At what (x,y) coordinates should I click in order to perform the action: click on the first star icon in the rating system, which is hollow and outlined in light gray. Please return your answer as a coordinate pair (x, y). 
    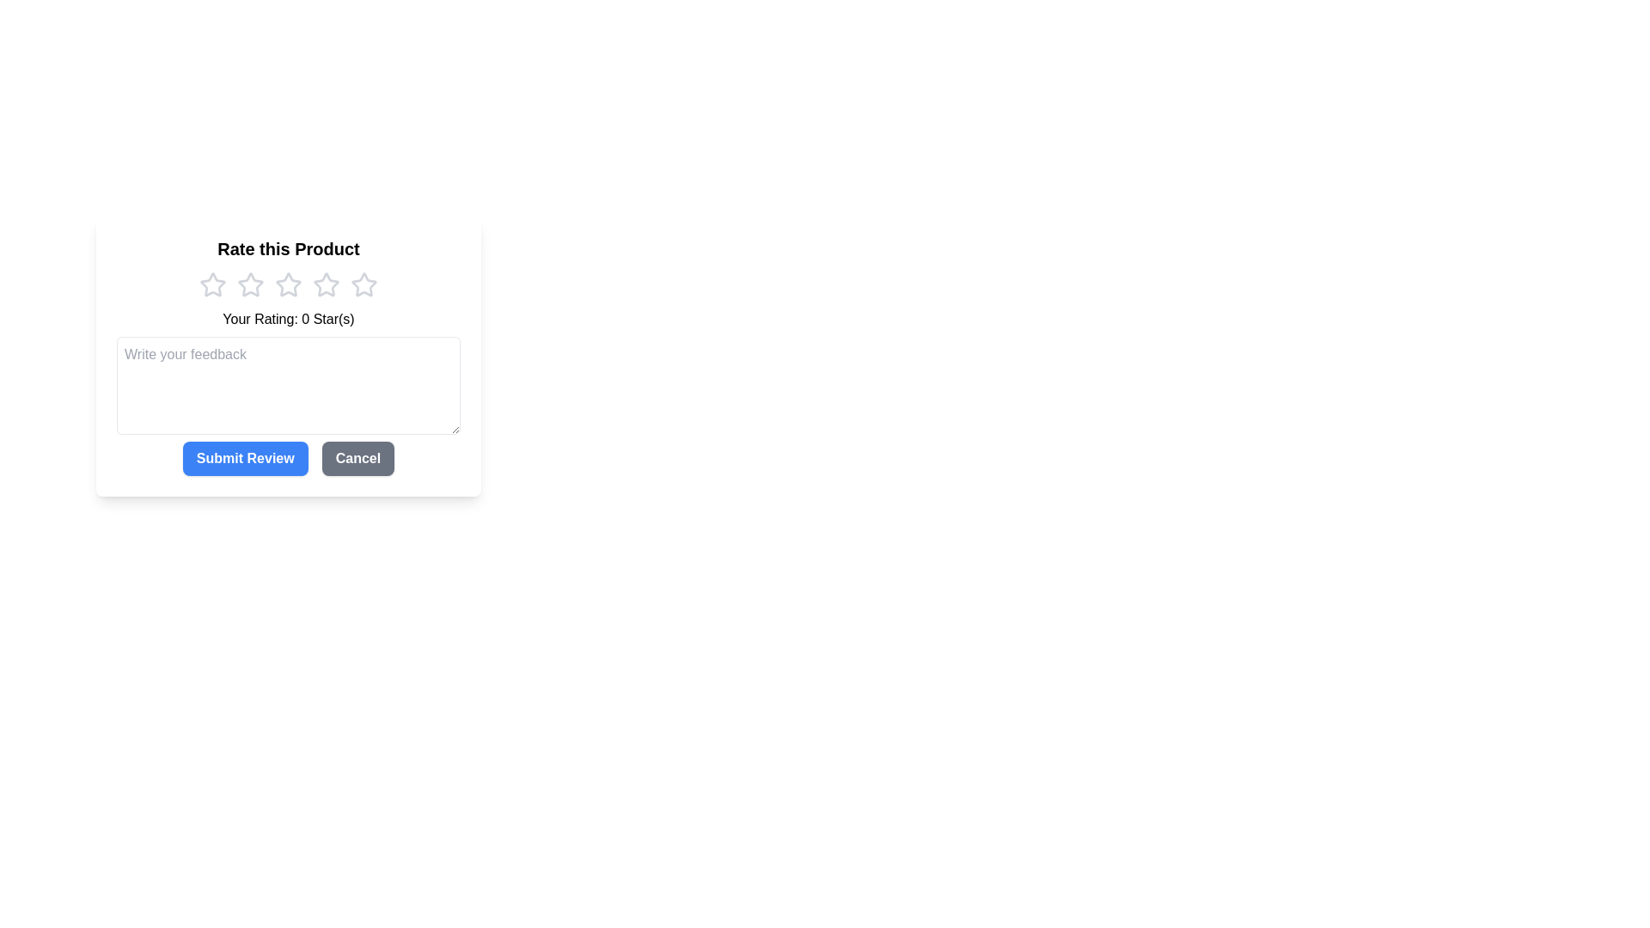
    Looking at the image, I should click on (212, 284).